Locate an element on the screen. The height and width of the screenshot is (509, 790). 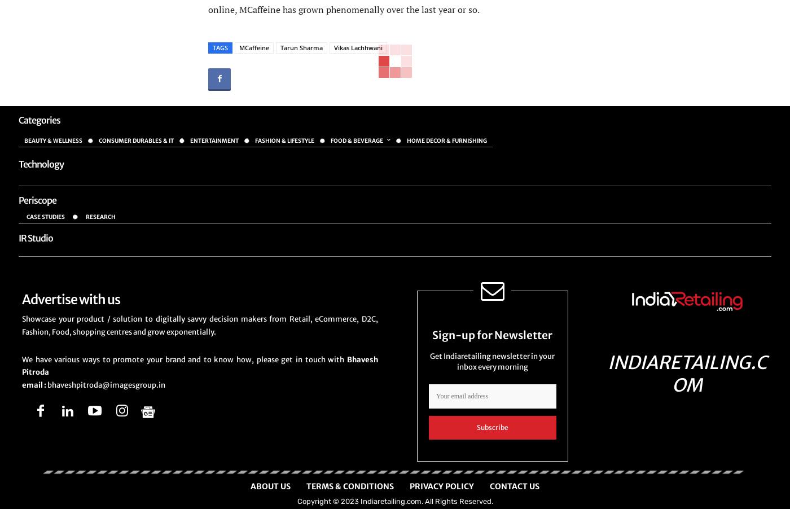
'Research' is located at coordinates (100, 217).